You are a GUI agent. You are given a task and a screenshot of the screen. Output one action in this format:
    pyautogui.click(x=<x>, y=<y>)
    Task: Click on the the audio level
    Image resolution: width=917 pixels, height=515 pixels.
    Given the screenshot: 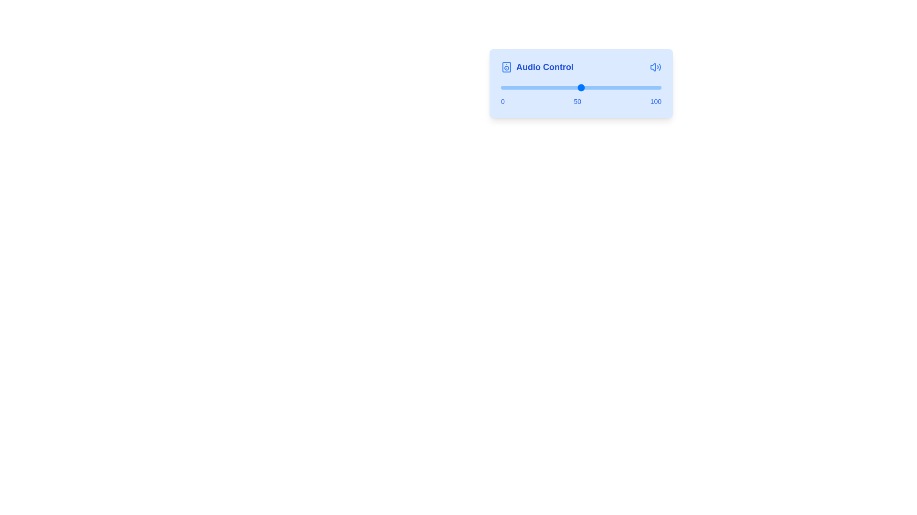 What is the action you would take?
    pyautogui.click(x=626, y=88)
    